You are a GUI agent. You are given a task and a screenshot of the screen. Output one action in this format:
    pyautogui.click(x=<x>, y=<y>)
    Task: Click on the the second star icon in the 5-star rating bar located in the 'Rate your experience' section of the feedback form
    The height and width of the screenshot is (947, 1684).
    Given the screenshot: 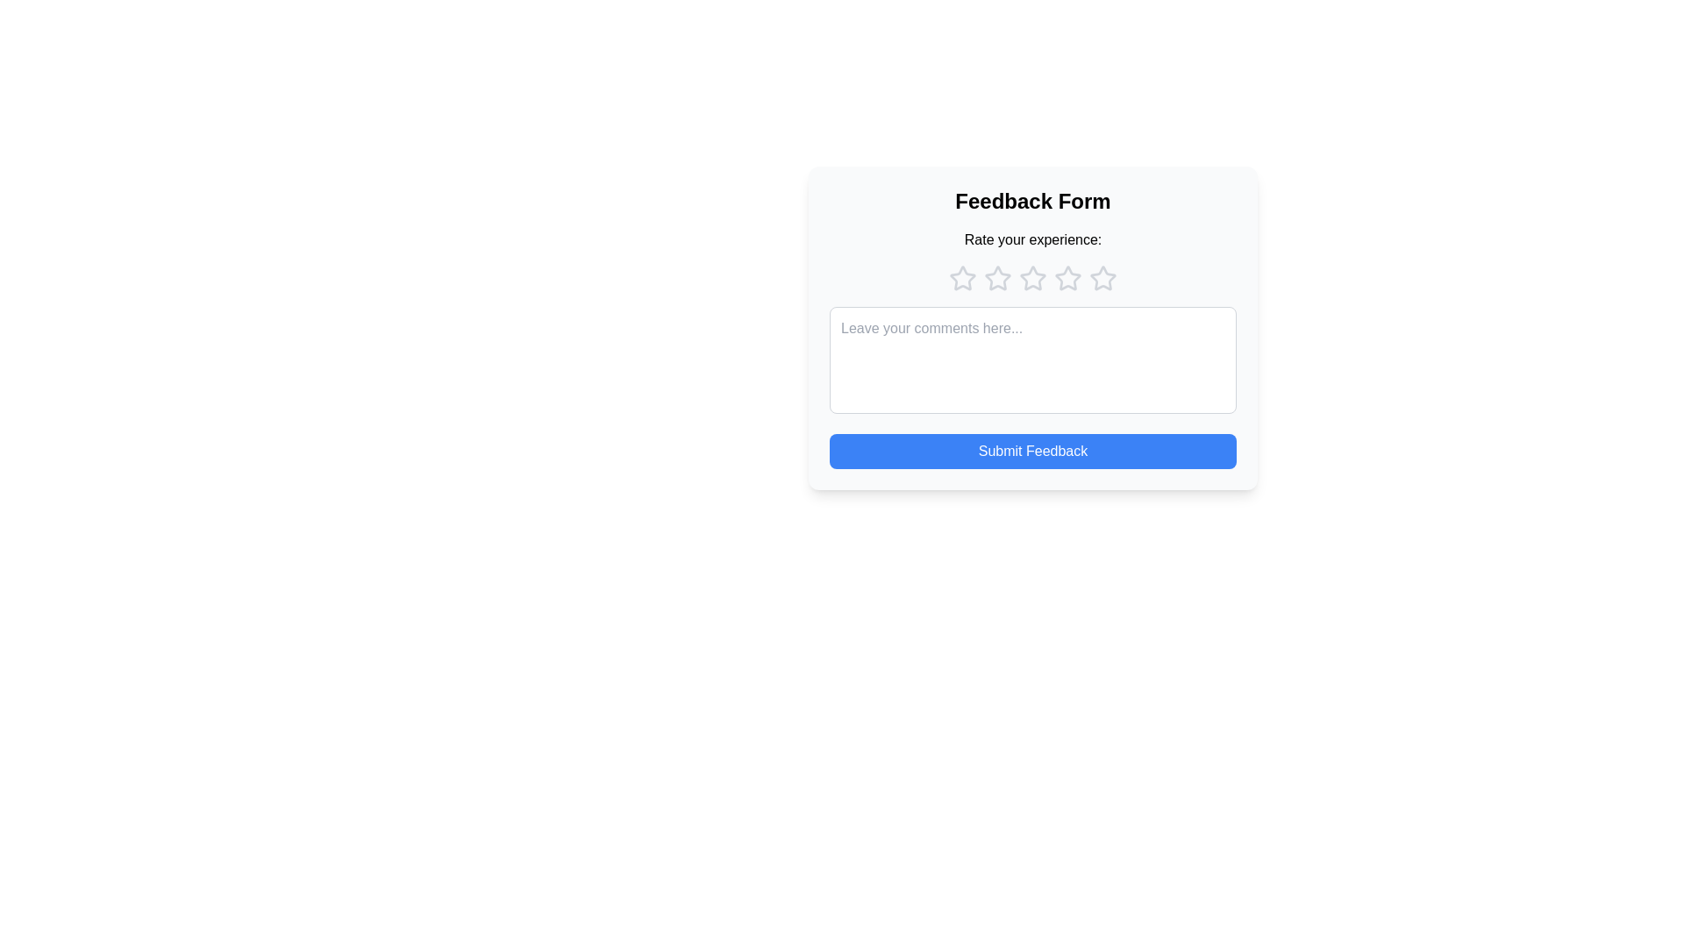 What is the action you would take?
    pyautogui.click(x=997, y=277)
    